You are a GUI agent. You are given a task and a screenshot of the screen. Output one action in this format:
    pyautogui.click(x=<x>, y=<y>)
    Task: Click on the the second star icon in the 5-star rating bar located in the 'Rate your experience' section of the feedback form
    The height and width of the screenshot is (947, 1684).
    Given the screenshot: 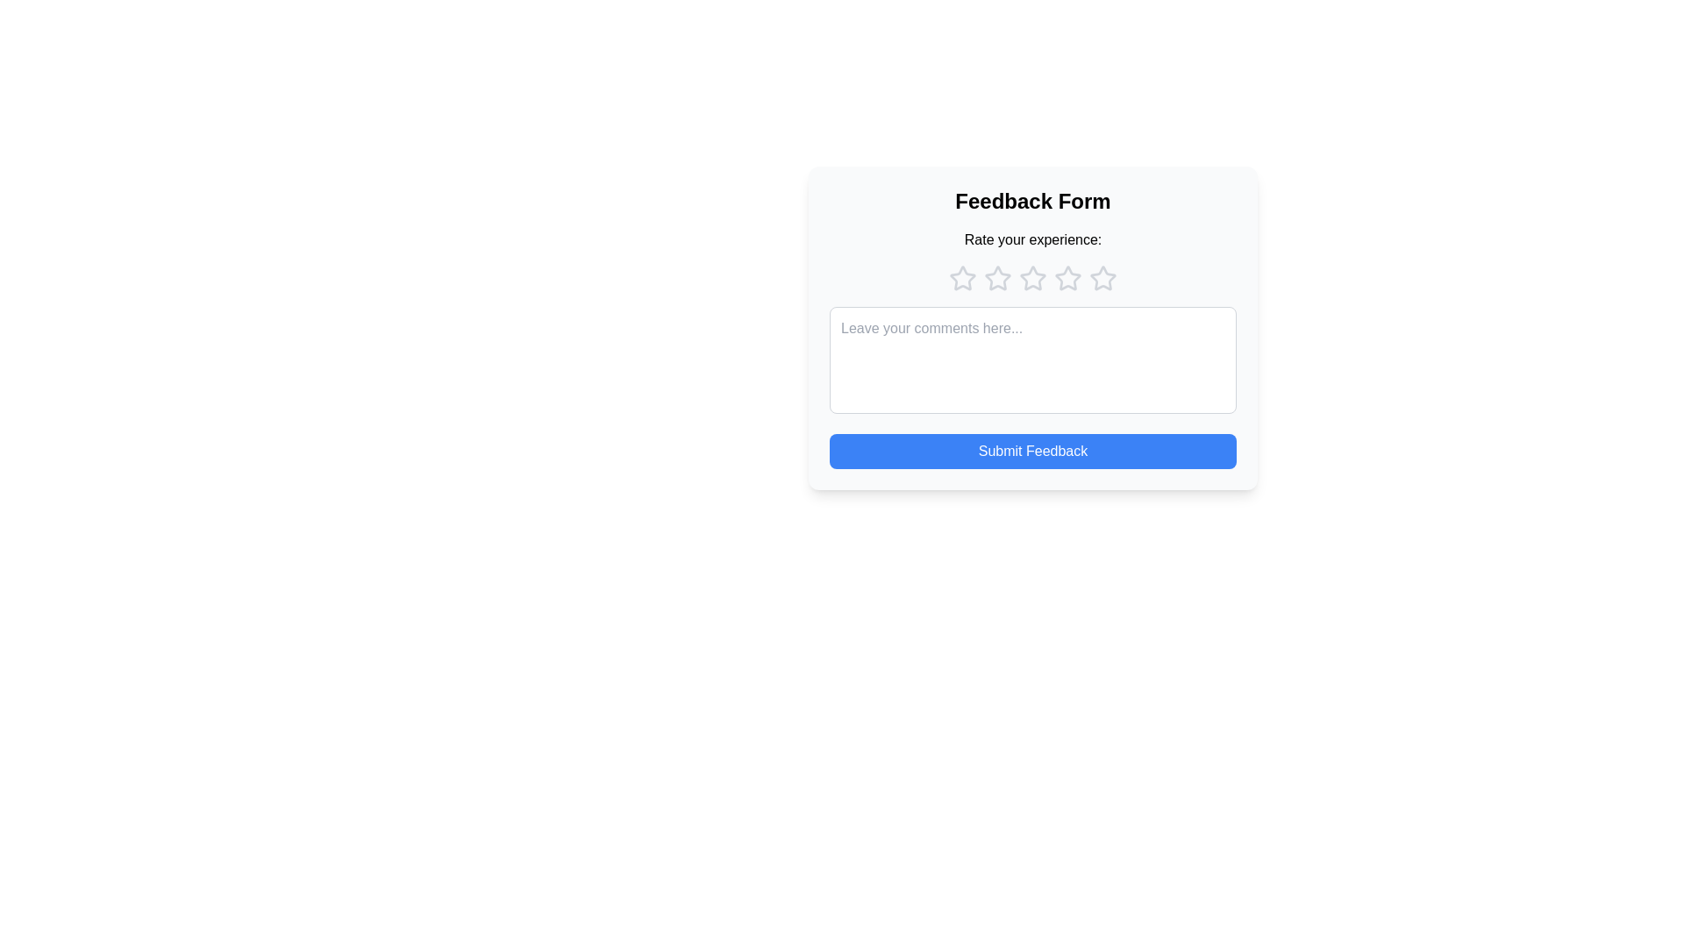 What is the action you would take?
    pyautogui.click(x=997, y=277)
    